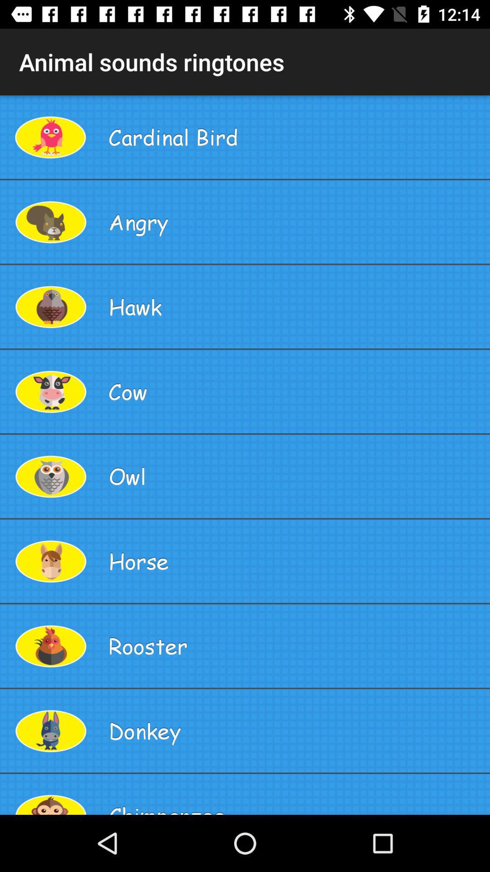 Image resolution: width=490 pixels, height=872 pixels. I want to click on the cow app, so click(295, 391).